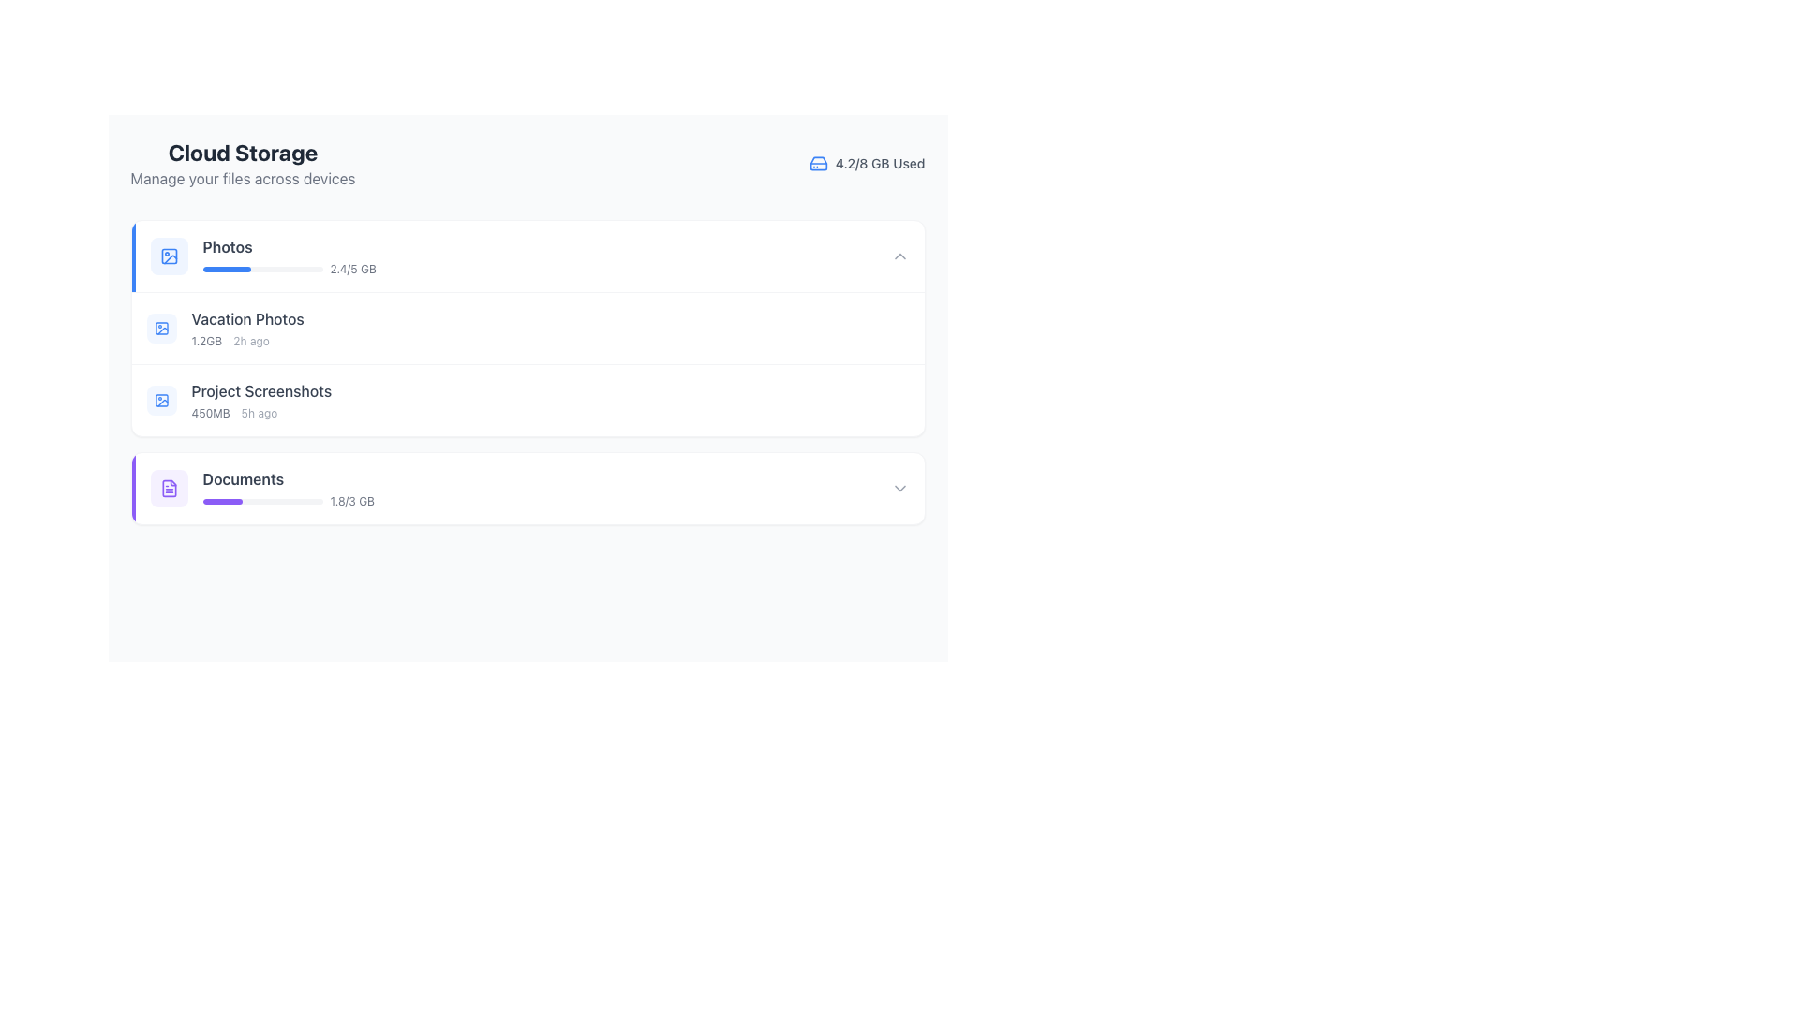 The image size is (1799, 1011). I want to click on the sharing button associated with 'Vacation Photos', so click(861, 328).